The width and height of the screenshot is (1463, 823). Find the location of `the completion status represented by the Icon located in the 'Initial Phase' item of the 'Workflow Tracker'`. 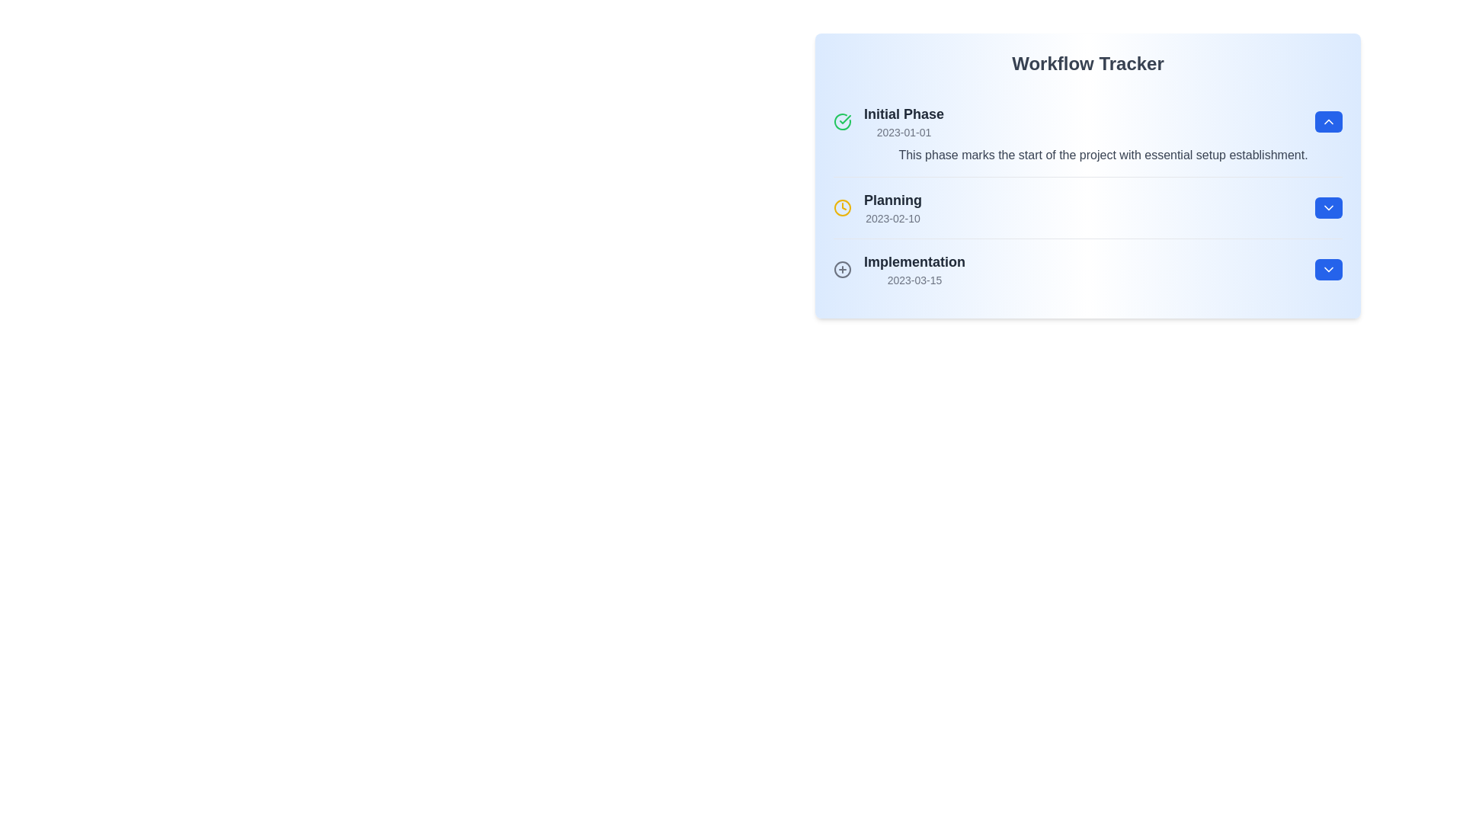

the completion status represented by the Icon located in the 'Initial Phase' item of the 'Workflow Tracker' is located at coordinates (844, 119).